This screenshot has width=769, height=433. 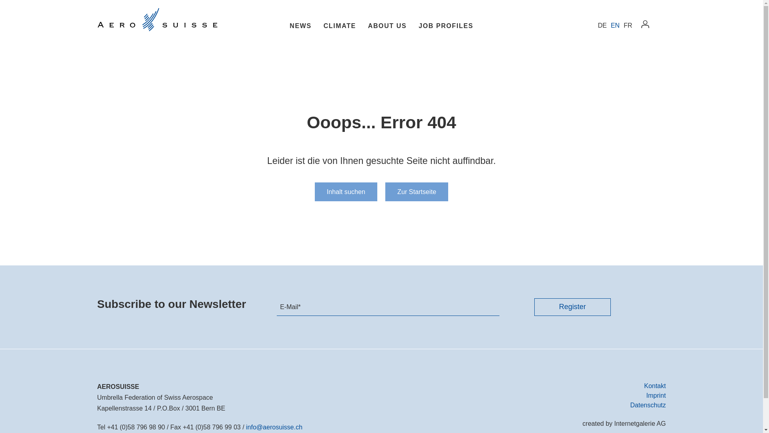 I want to click on 'Zur Startseite', so click(x=417, y=192).